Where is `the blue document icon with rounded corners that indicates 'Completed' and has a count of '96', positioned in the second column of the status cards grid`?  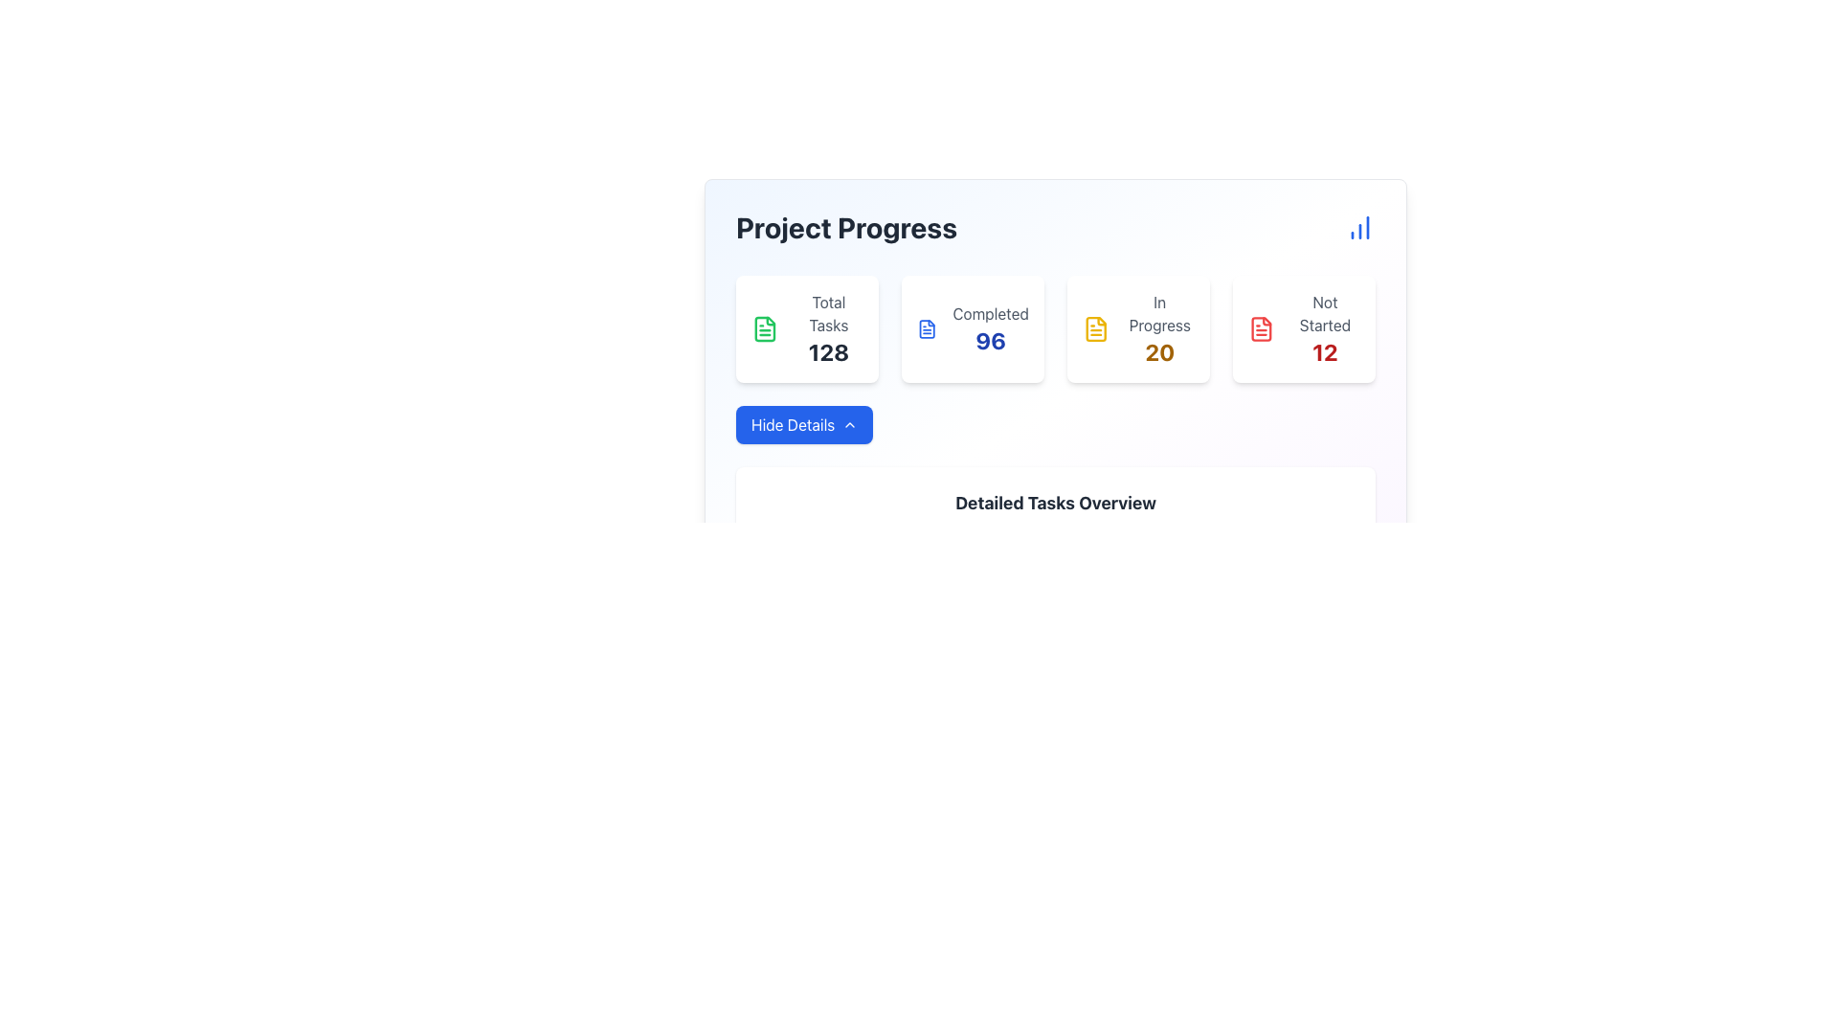 the blue document icon with rounded corners that indicates 'Completed' and has a count of '96', positioned in the second column of the status cards grid is located at coordinates (927, 327).